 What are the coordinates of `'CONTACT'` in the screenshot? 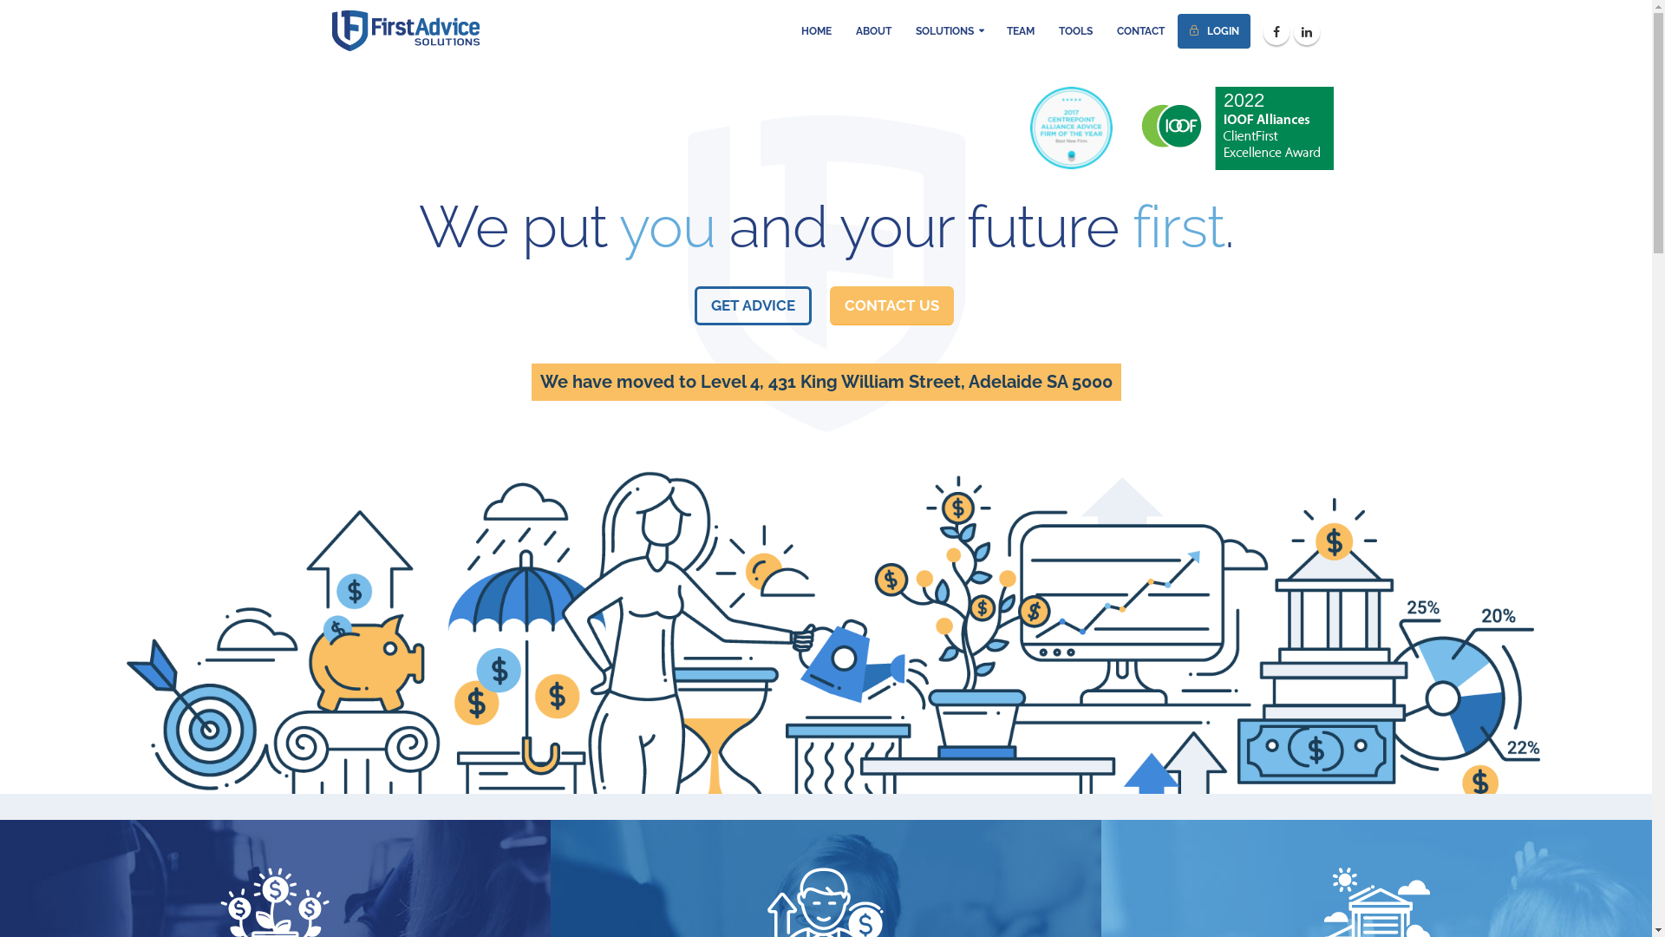 It's located at (1139, 30).